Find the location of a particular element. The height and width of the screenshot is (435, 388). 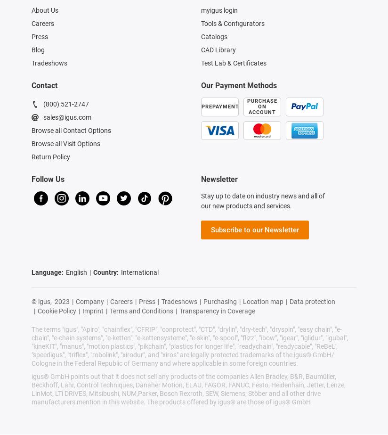

'© igus,' is located at coordinates (42, 301).